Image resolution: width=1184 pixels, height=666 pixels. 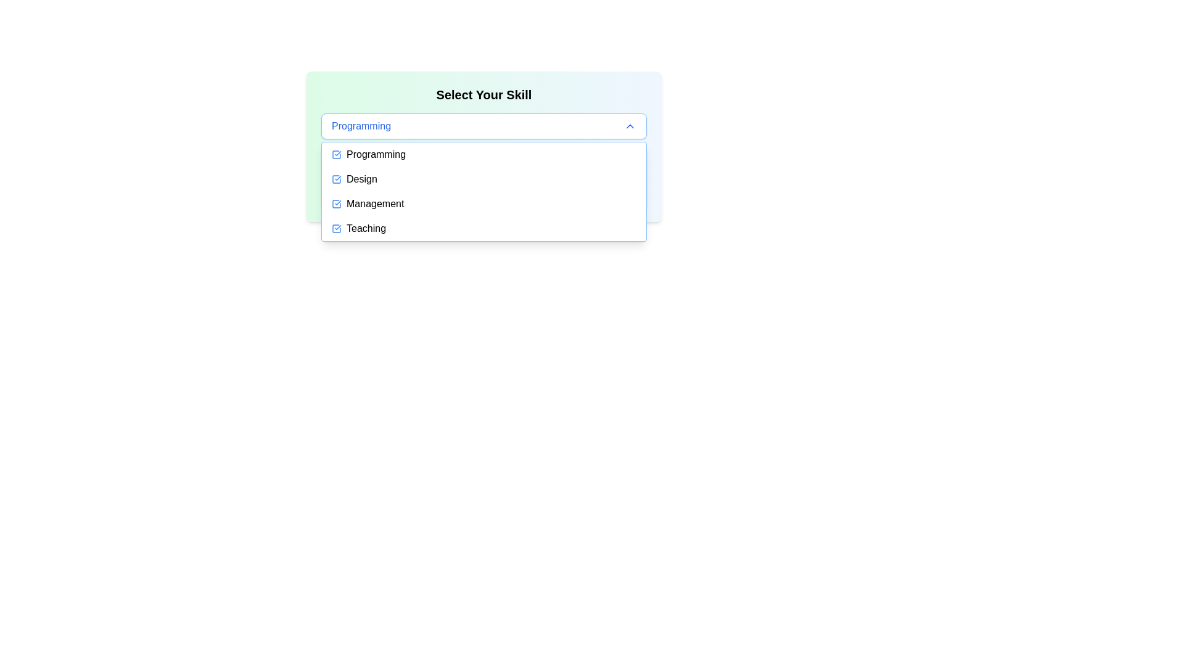 What do you see at coordinates (337, 154) in the screenshot?
I see `the checkbox icon with a blue outline located to the left of the 'Programming' text` at bounding box center [337, 154].